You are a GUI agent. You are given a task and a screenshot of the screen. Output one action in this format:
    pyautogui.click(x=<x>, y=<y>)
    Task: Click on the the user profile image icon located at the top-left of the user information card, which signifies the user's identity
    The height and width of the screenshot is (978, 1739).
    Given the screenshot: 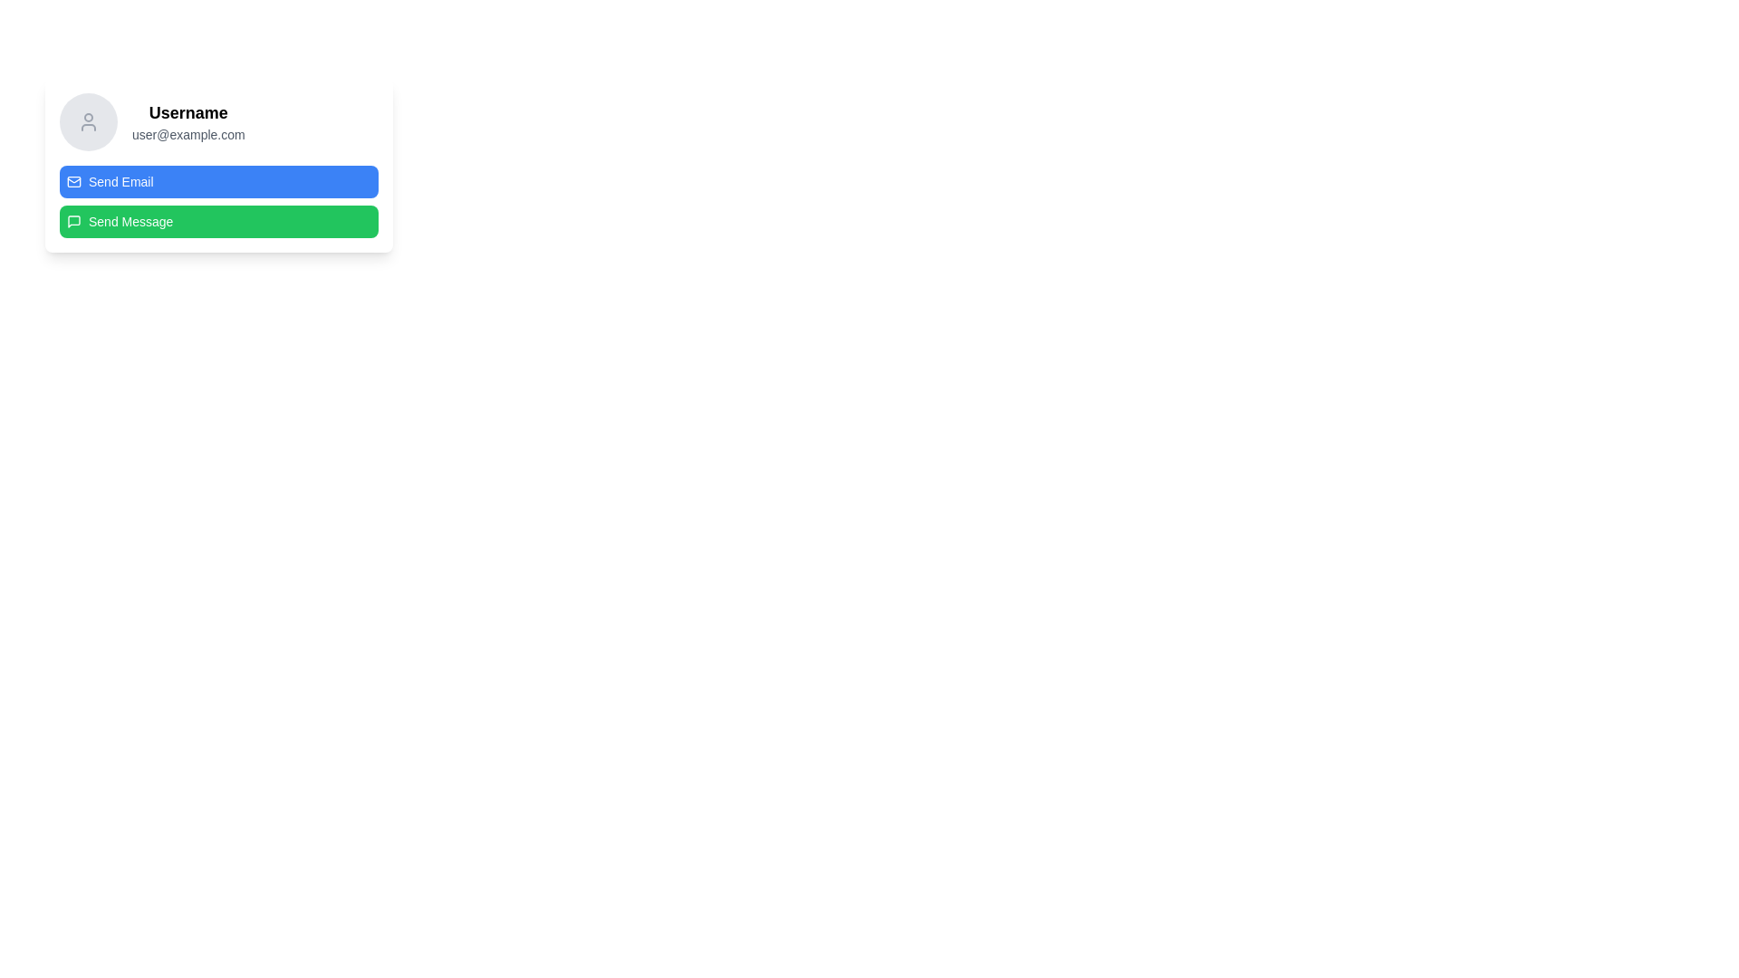 What is the action you would take?
    pyautogui.click(x=87, y=122)
    